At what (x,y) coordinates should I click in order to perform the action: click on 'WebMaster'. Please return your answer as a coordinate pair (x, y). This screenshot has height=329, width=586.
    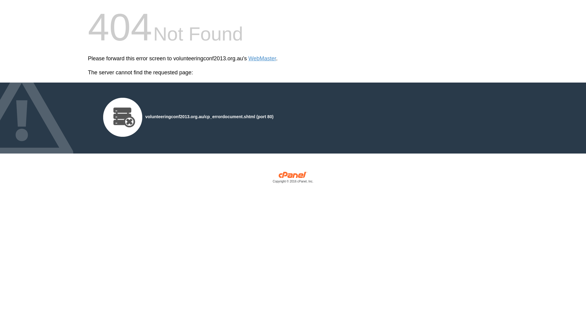
    Looking at the image, I should click on (262, 58).